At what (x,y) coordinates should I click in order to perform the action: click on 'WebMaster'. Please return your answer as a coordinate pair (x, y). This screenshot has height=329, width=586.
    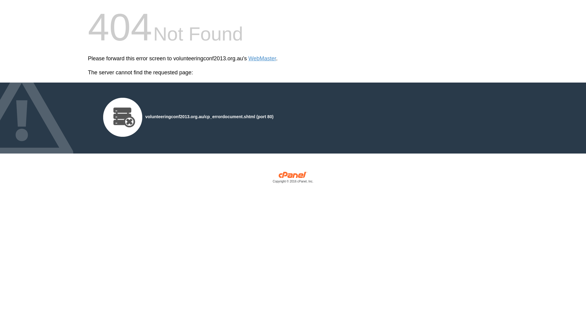
    Looking at the image, I should click on (262, 58).